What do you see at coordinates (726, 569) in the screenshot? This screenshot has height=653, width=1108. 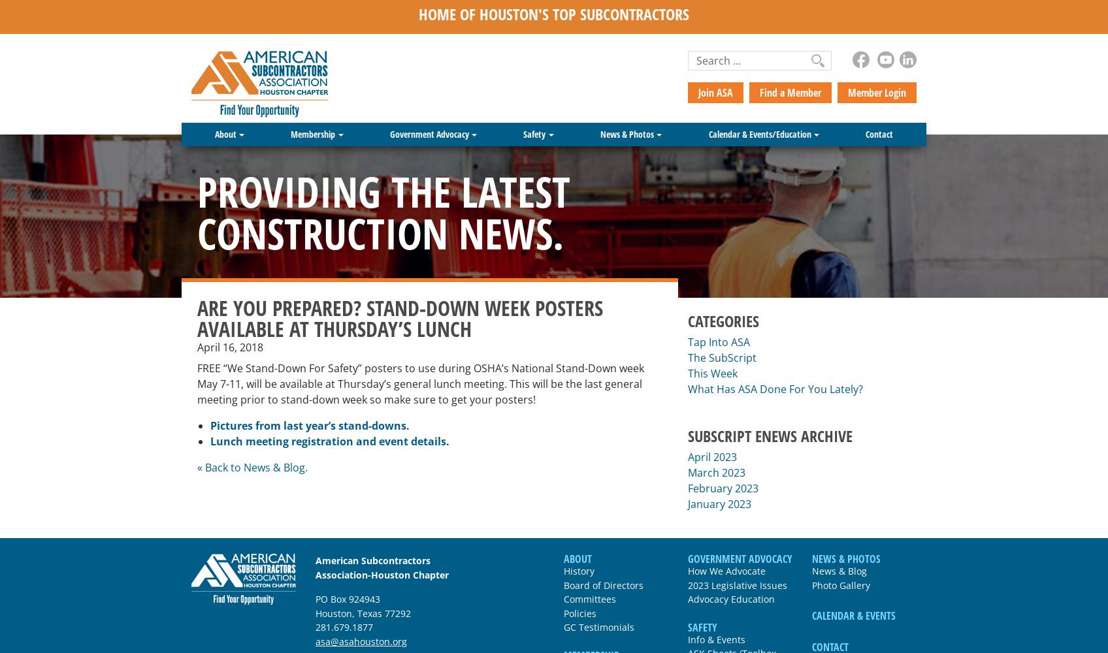 I see `'How We Advocate'` at bounding box center [726, 569].